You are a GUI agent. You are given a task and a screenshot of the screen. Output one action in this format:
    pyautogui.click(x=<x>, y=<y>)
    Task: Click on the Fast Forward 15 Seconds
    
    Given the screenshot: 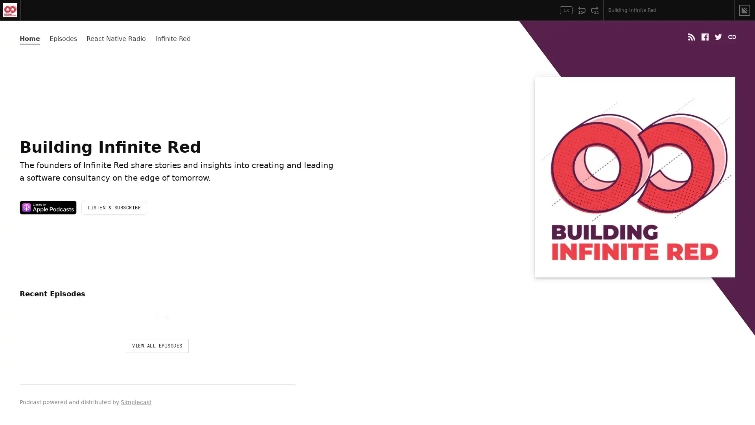 What is the action you would take?
    pyautogui.click(x=595, y=10)
    